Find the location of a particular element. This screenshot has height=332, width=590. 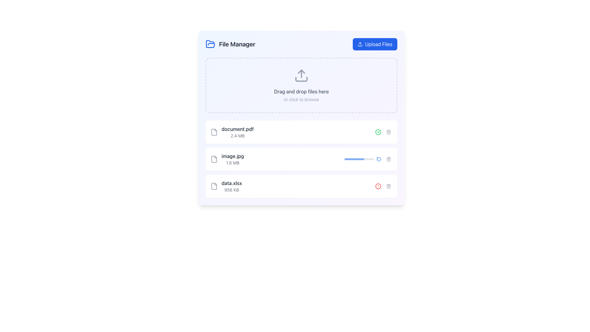

the current progress visually on the progress bar associated with the file 'image.jpg' in the file manager interface is located at coordinates (359, 159).